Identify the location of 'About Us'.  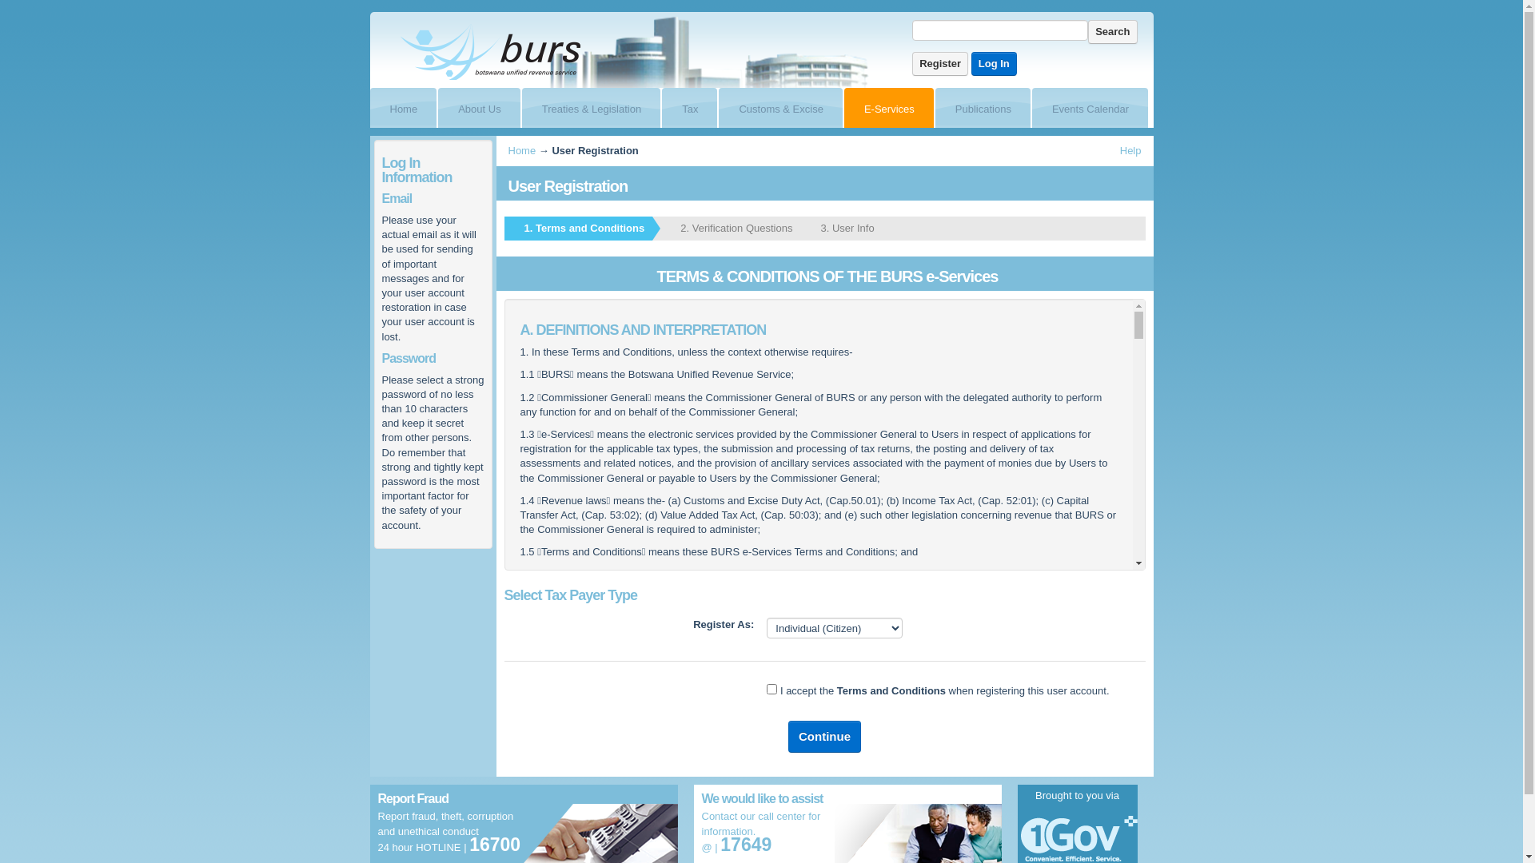
(470, 108).